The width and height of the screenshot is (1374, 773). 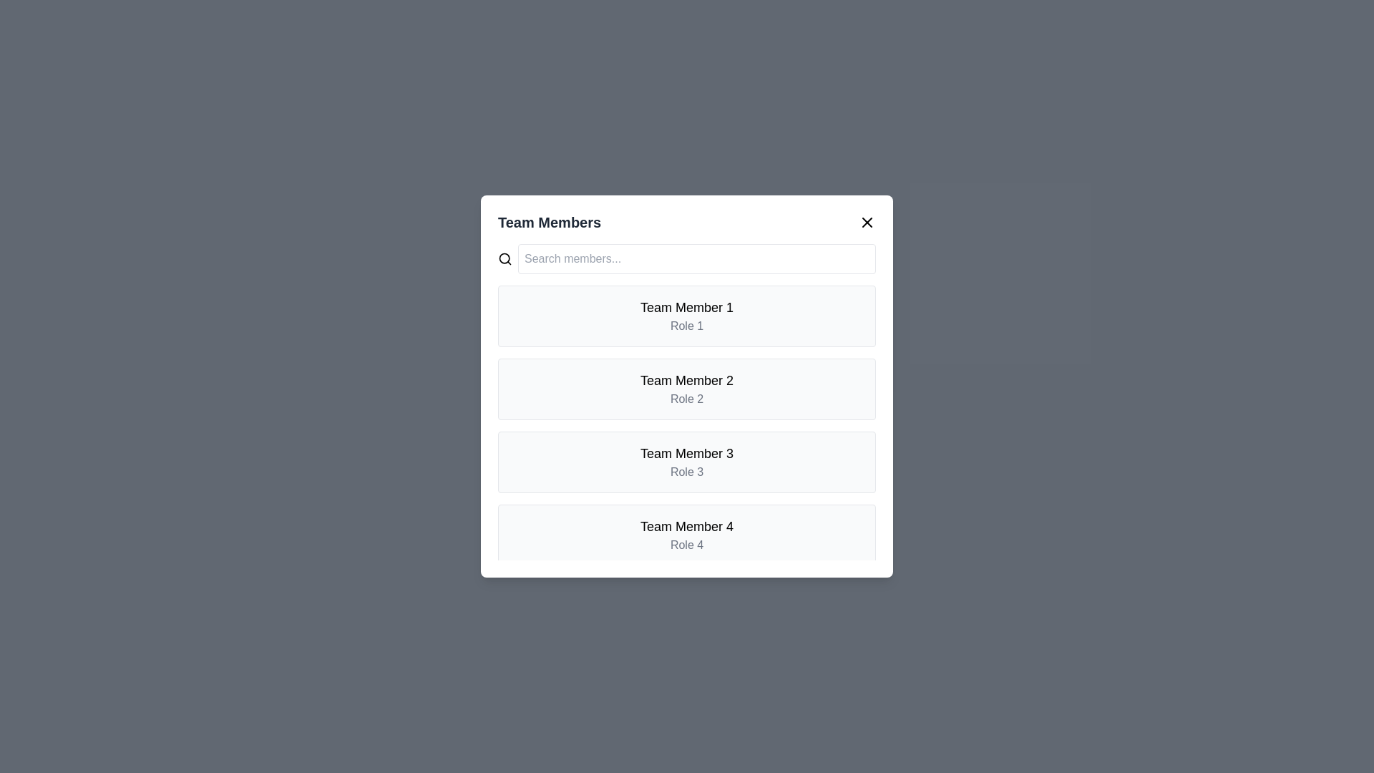 I want to click on the card of team member Team Member 2, so click(x=687, y=389).